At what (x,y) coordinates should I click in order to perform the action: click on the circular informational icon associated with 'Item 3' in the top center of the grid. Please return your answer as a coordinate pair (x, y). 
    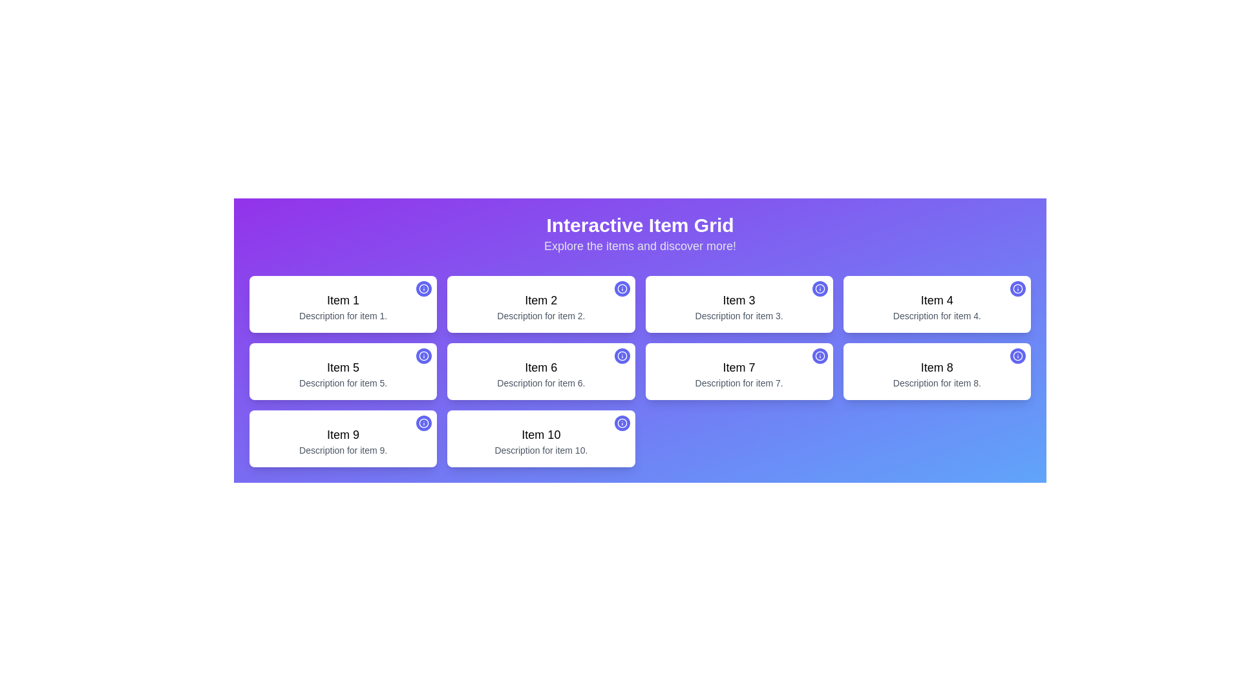
    Looking at the image, I should click on (819, 288).